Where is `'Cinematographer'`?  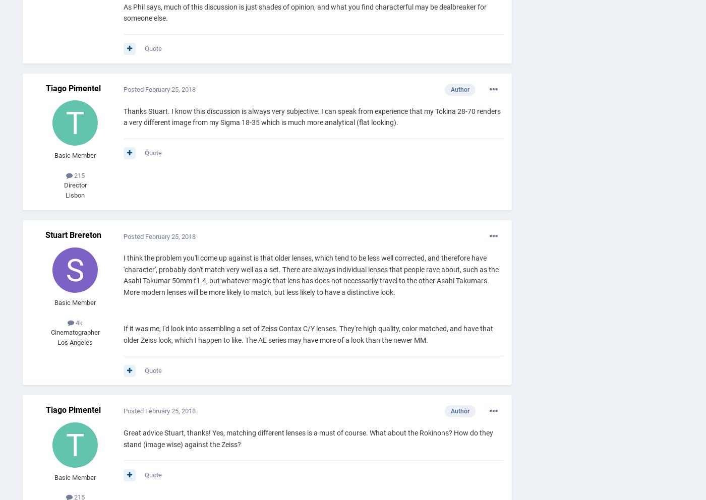
'Cinematographer' is located at coordinates (75, 332).